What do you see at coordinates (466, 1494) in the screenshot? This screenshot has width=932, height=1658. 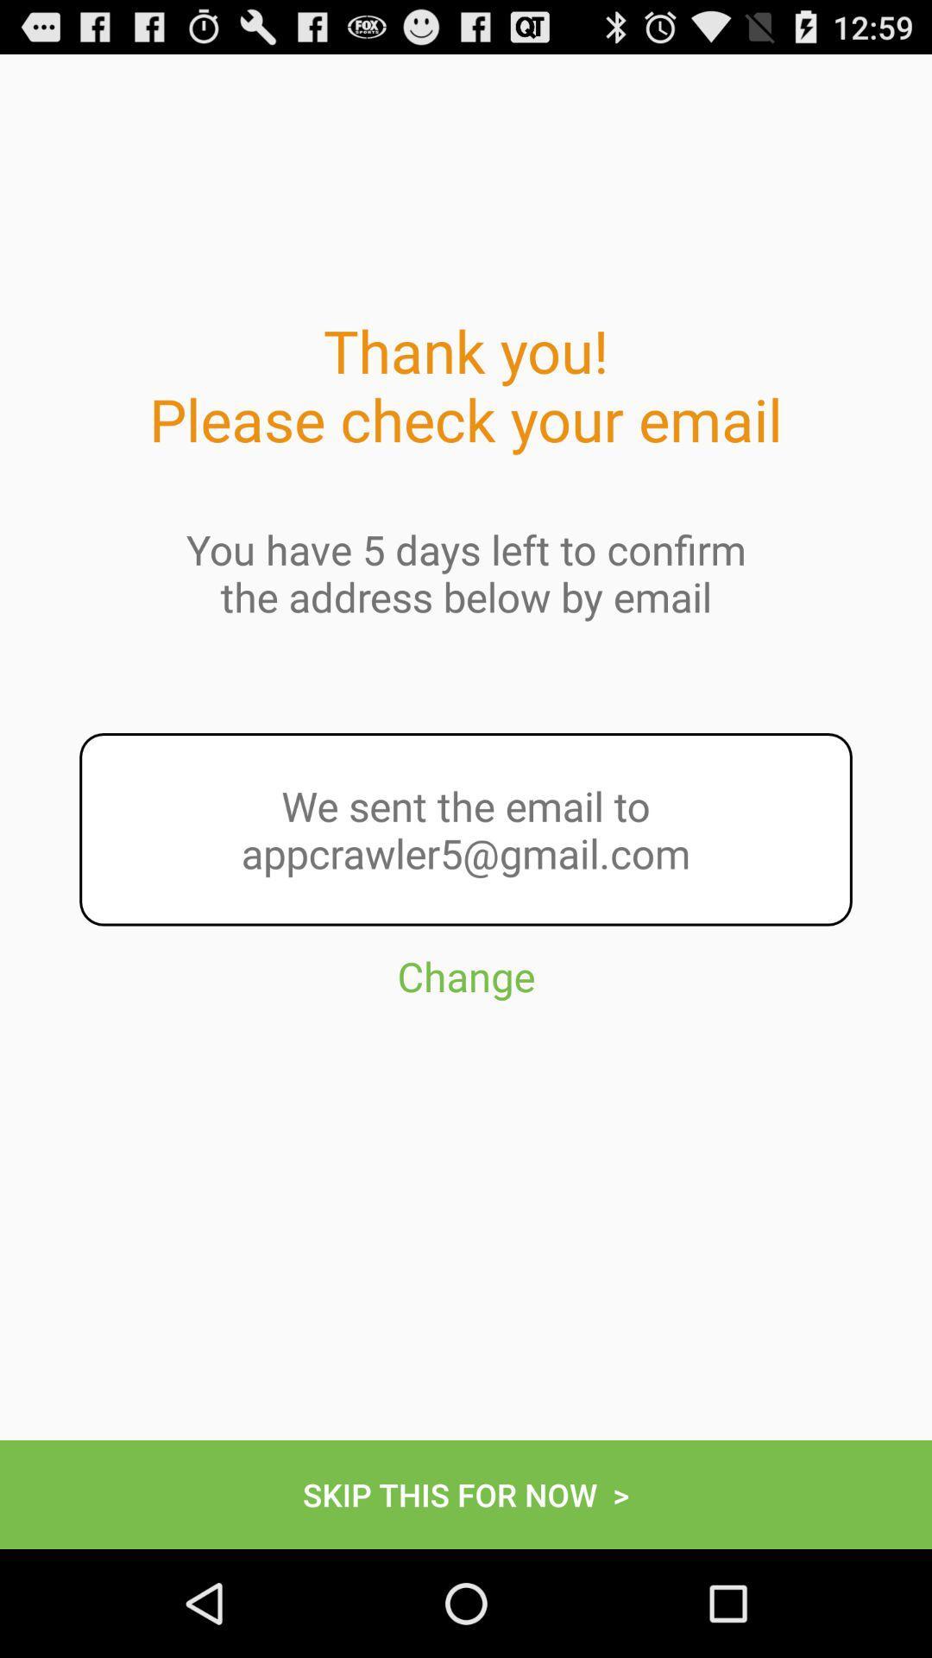 I see `skip this for` at bounding box center [466, 1494].